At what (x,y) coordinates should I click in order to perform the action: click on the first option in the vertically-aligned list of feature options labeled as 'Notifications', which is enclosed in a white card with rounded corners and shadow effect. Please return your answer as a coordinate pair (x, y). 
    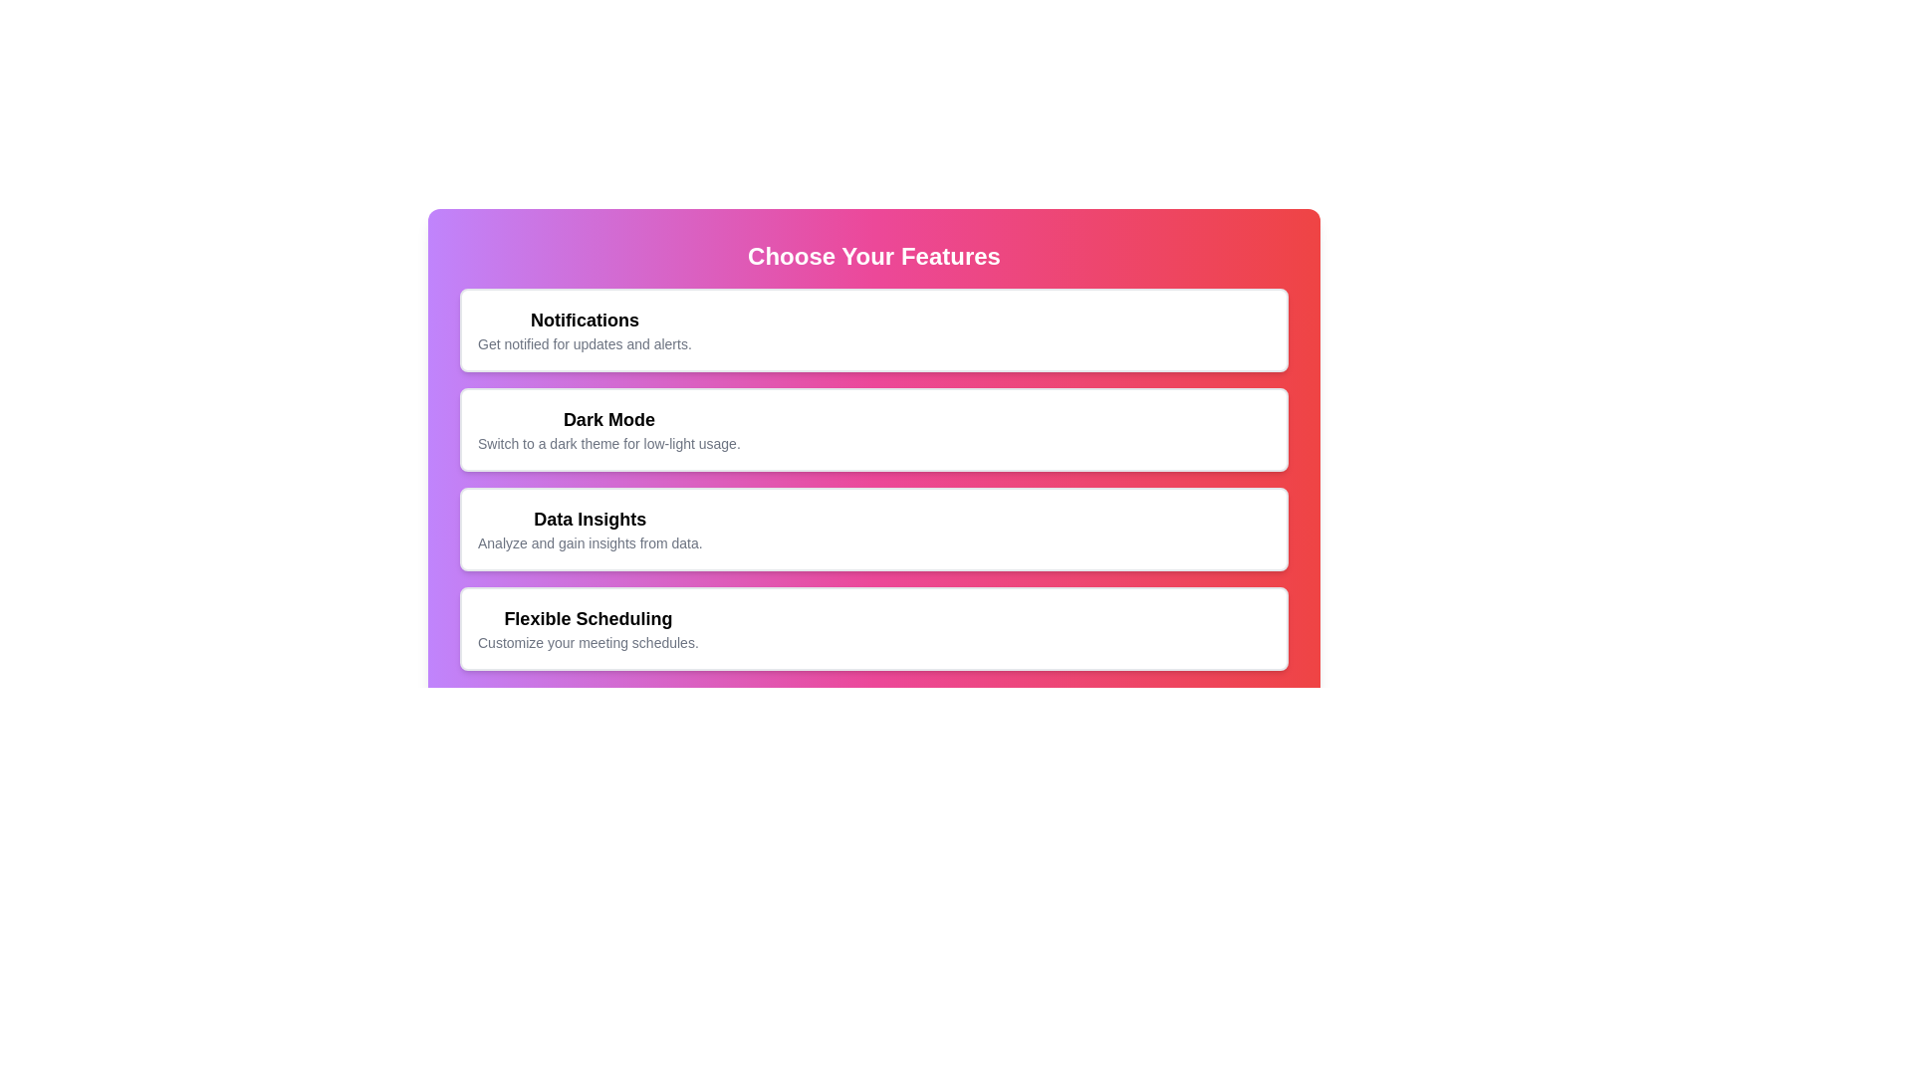
    Looking at the image, I should click on (584, 328).